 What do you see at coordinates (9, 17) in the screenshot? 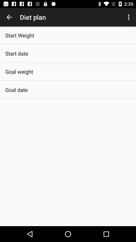
I see `app next to the diet plan app` at bounding box center [9, 17].